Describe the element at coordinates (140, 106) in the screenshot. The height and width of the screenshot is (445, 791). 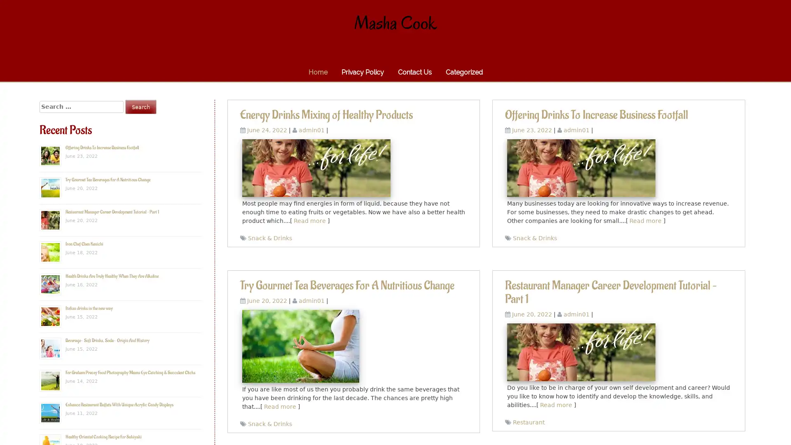
I see `Search` at that location.